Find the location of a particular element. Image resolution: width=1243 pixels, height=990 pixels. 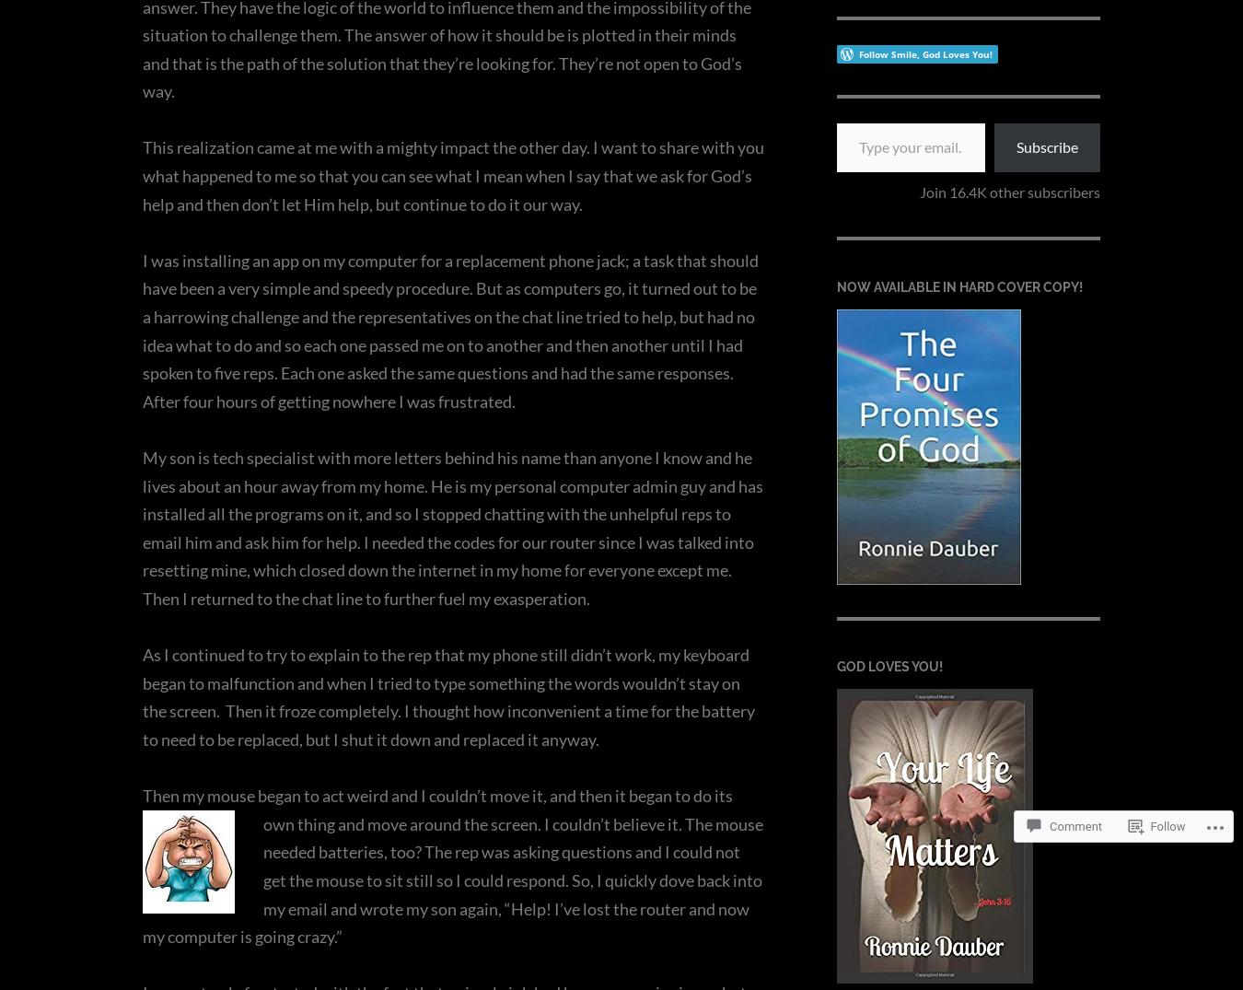

'Subscribe' is located at coordinates (1046, 146).